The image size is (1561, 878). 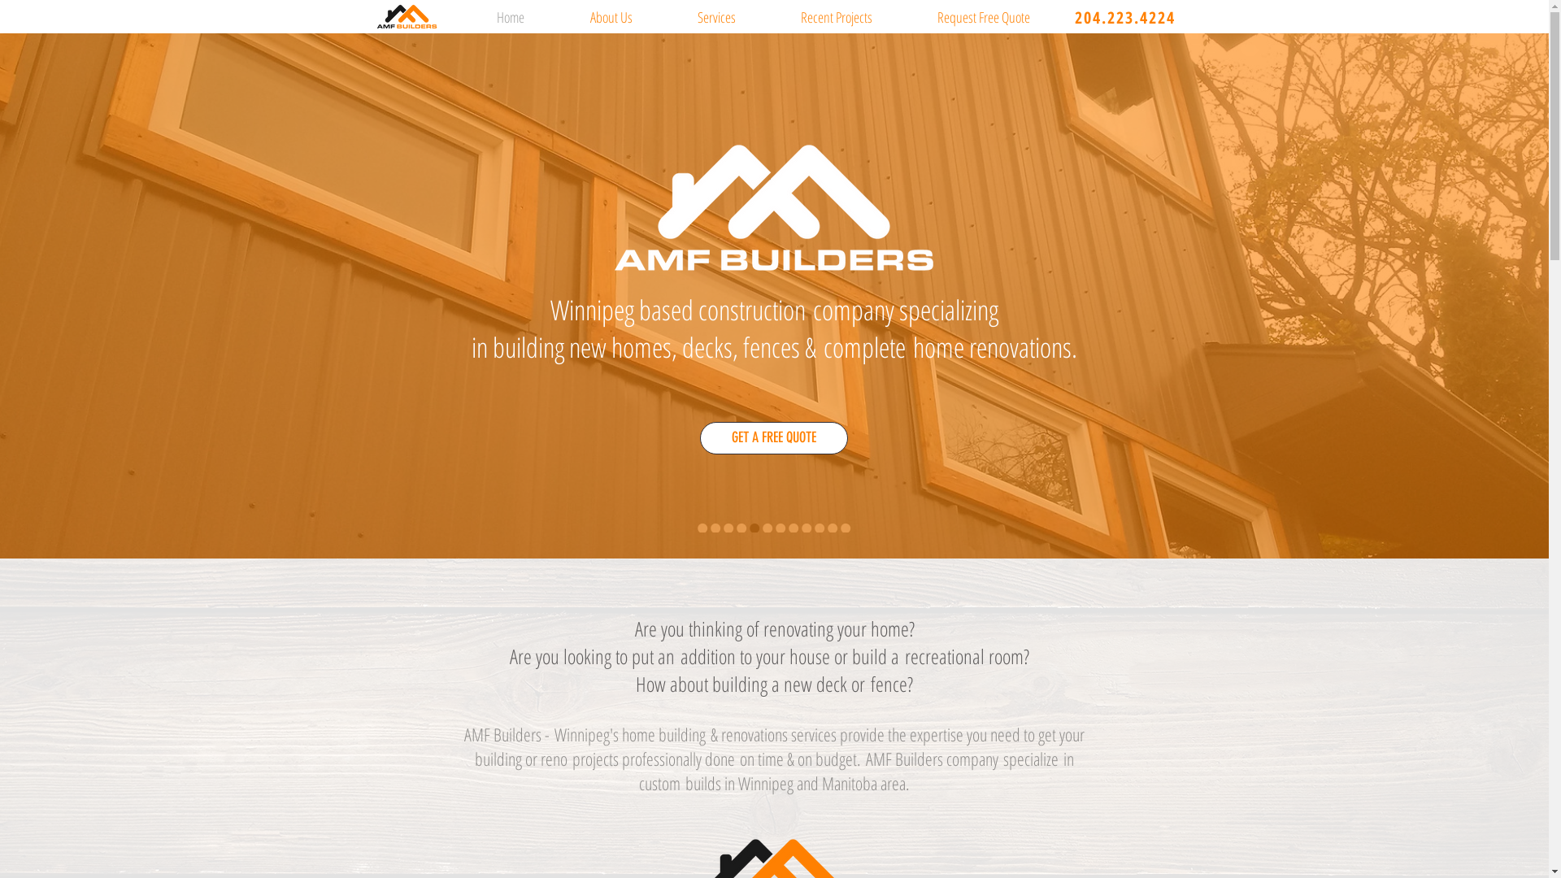 What do you see at coordinates (767, 15) in the screenshot?
I see `'Recent Projects'` at bounding box center [767, 15].